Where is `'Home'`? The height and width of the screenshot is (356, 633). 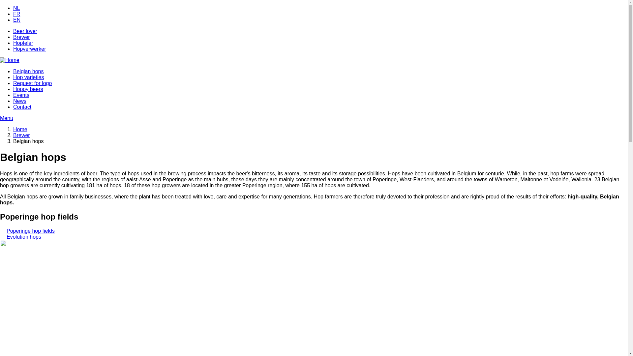
'Home' is located at coordinates (20, 129).